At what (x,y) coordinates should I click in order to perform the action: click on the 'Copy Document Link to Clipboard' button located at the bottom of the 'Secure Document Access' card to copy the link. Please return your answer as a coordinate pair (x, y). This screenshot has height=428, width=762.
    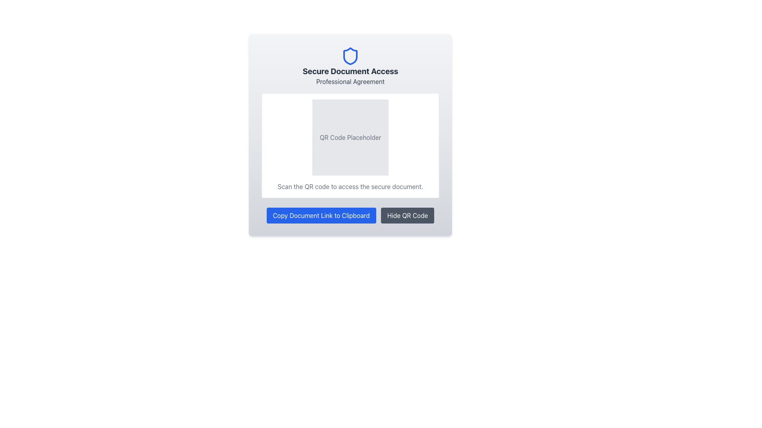
    Looking at the image, I should click on (350, 215).